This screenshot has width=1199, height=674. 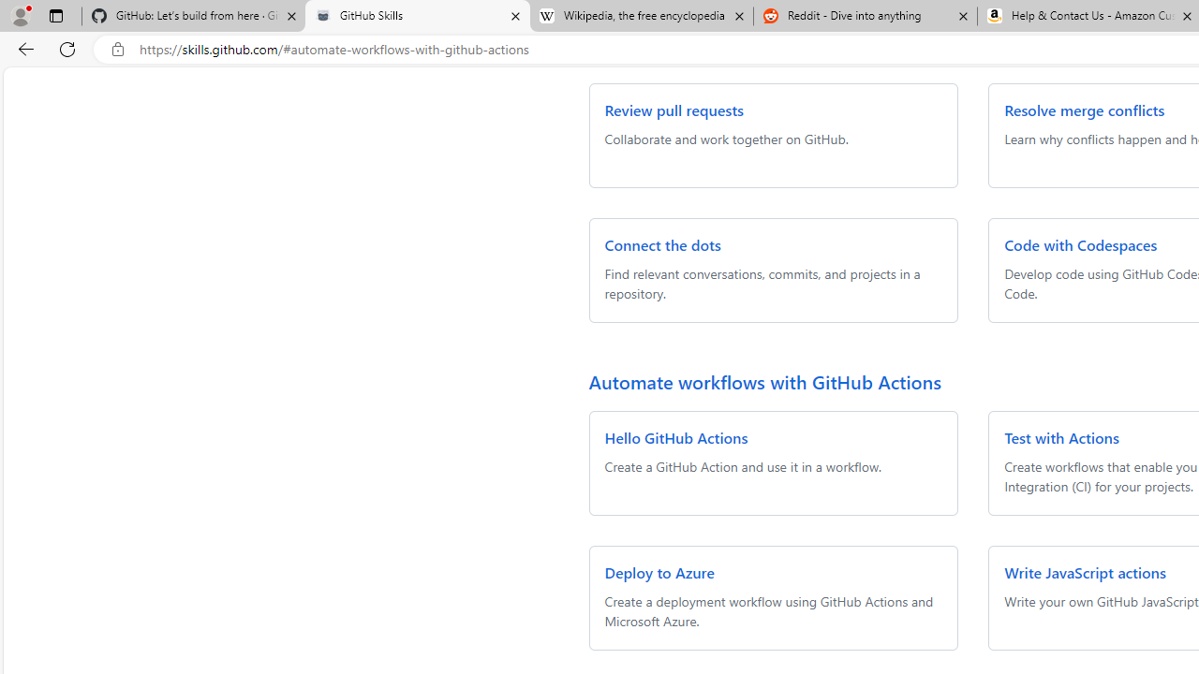 What do you see at coordinates (1085, 110) in the screenshot?
I see `'Resolve merge conflicts'` at bounding box center [1085, 110].